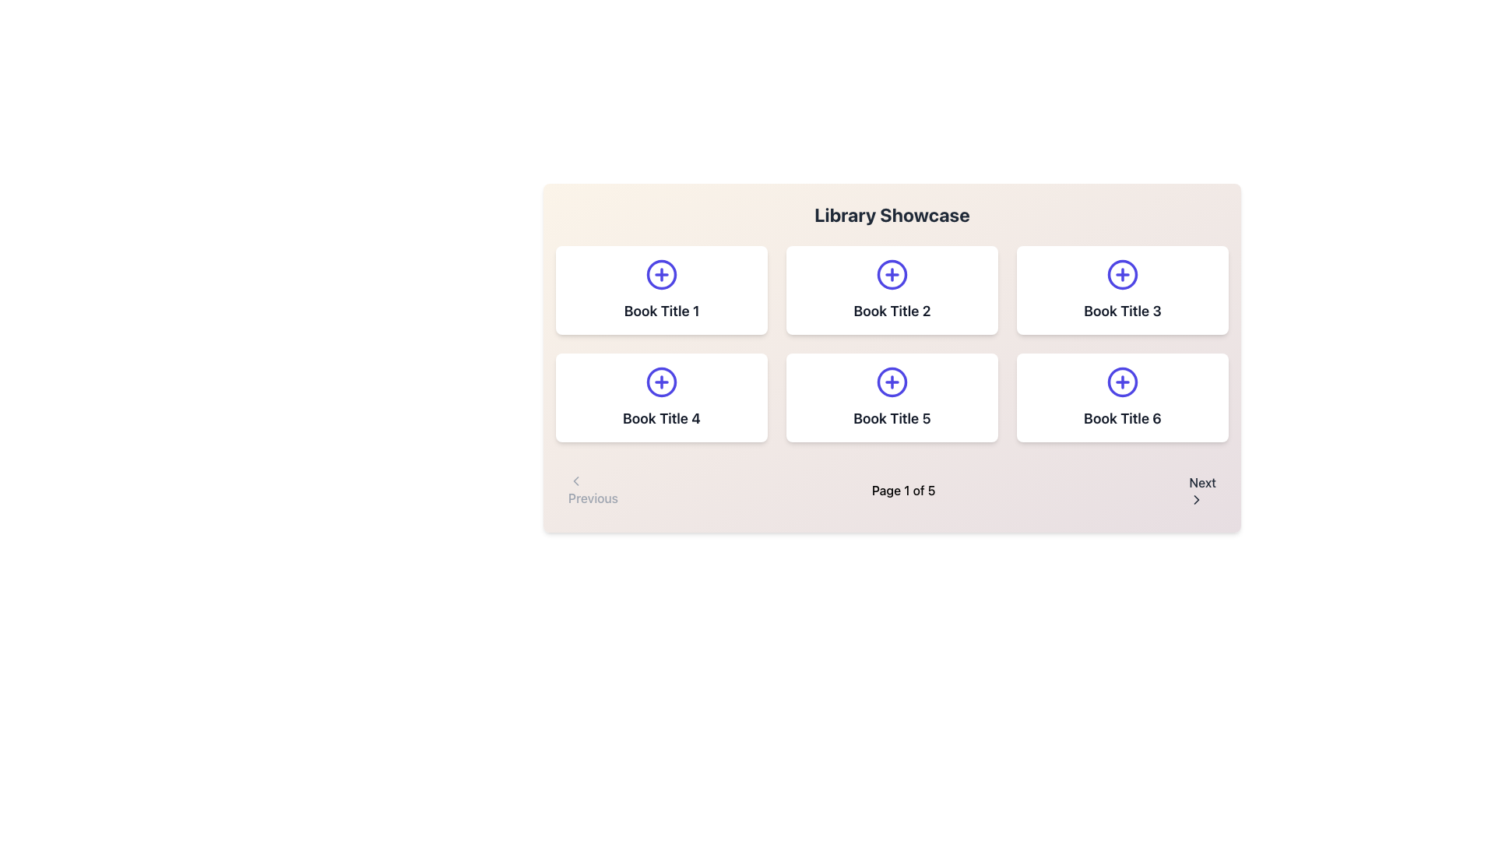  Describe the element at coordinates (661, 274) in the screenshot. I see `the circular '+' button with a blue color scheme located above the text 'Book Title 1' in the first card of the grid layout` at that location.